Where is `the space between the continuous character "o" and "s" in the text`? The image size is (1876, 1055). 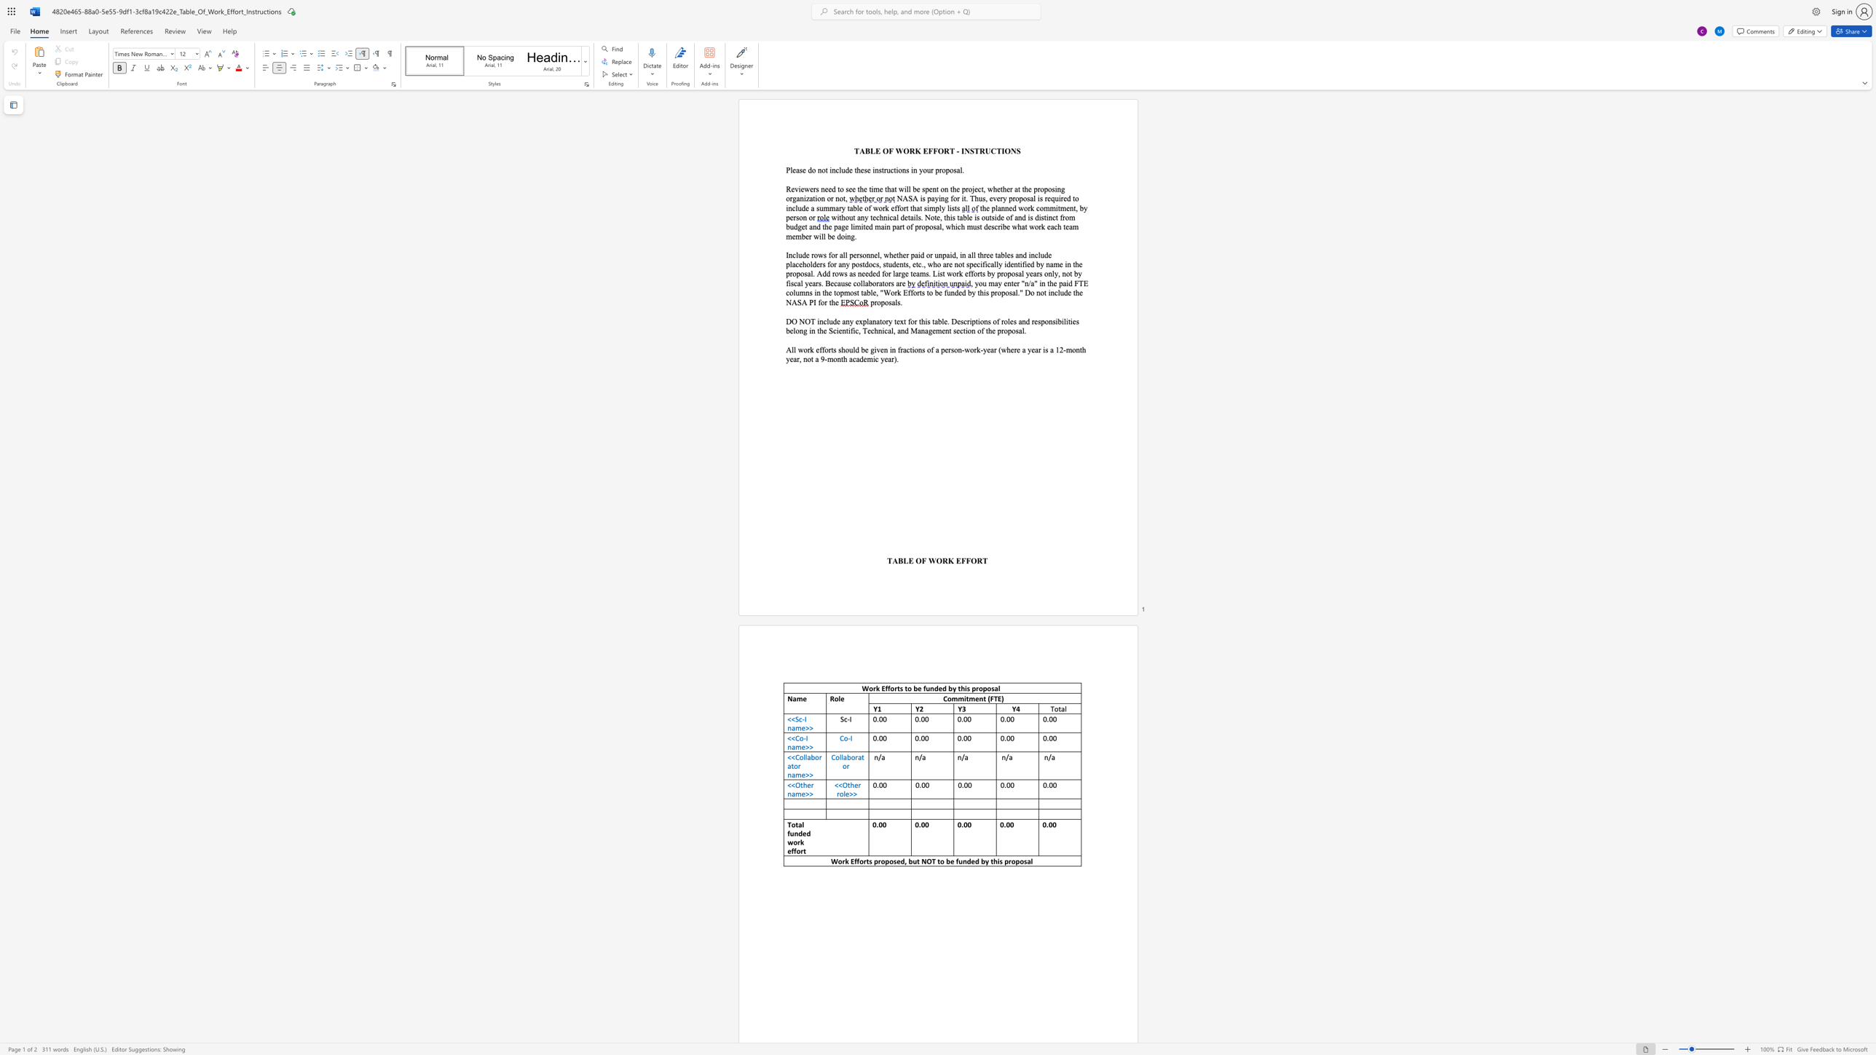
the space between the continuous character "o" and "s" in the text is located at coordinates (1051, 189).